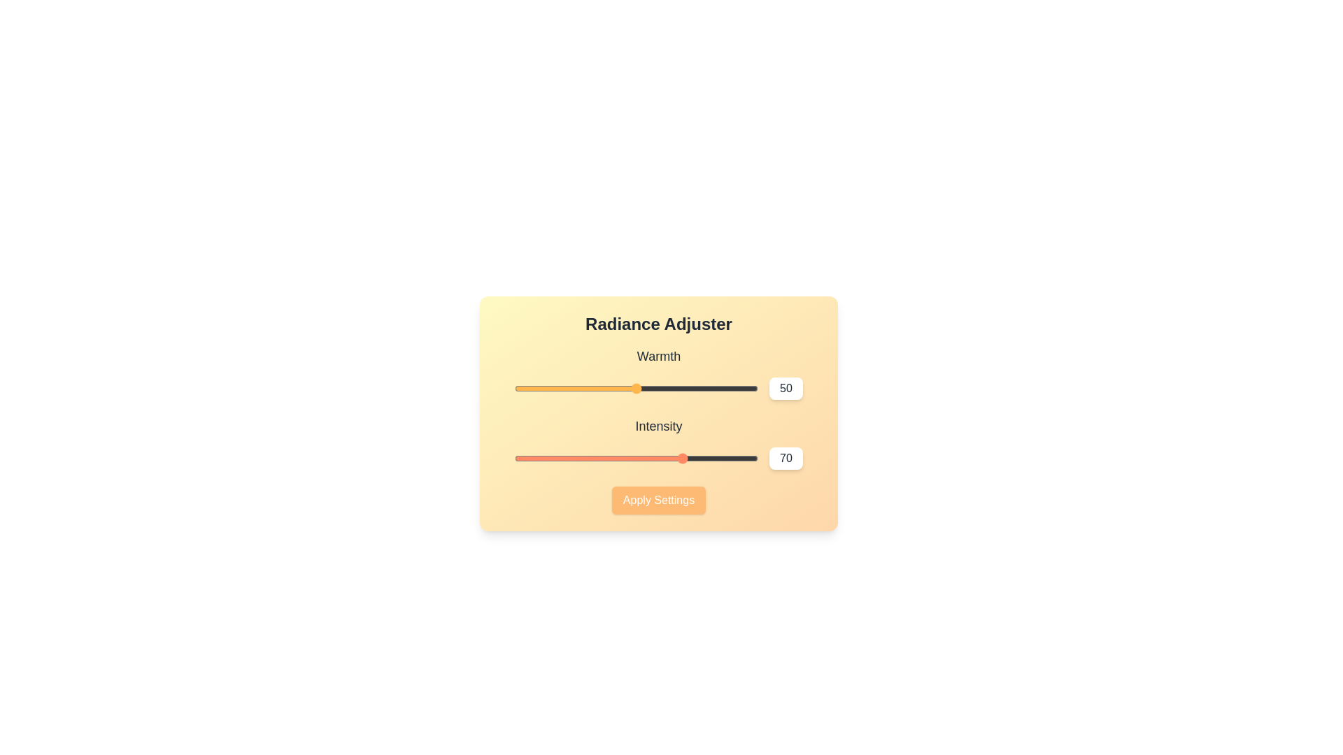 This screenshot has height=755, width=1343. What do you see at coordinates (578, 388) in the screenshot?
I see `the 'Warmth' slider to 26` at bounding box center [578, 388].